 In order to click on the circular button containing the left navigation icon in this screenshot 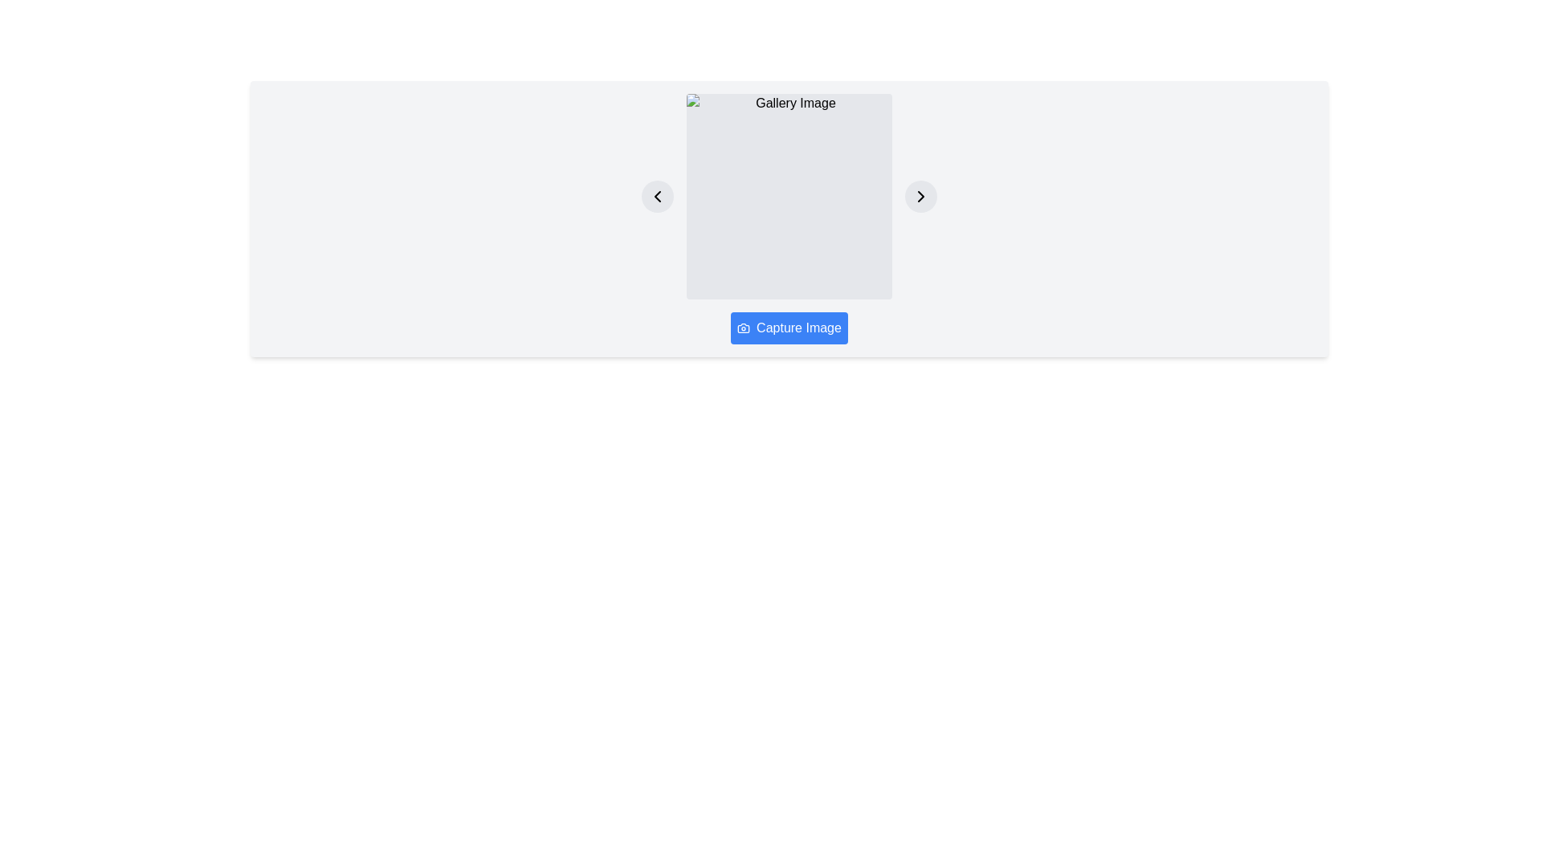, I will do `click(658, 196)`.